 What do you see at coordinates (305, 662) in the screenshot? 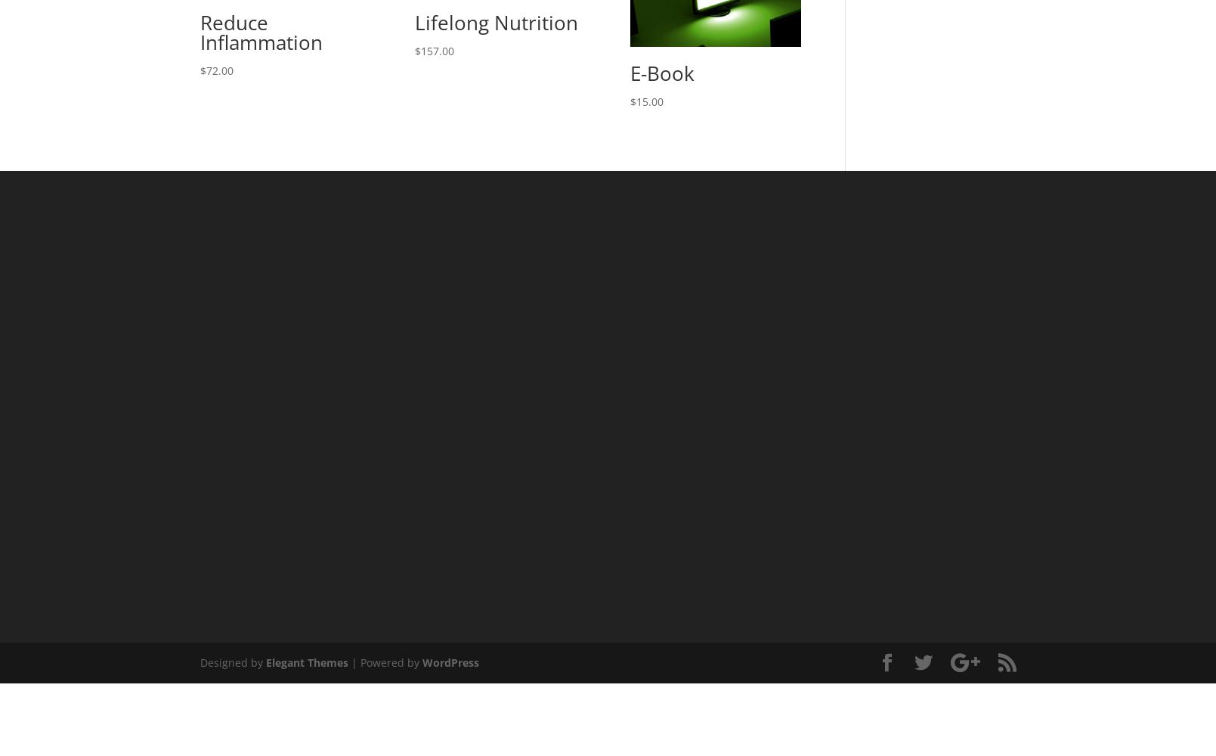
I see `'Elegant Themes'` at bounding box center [305, 662].